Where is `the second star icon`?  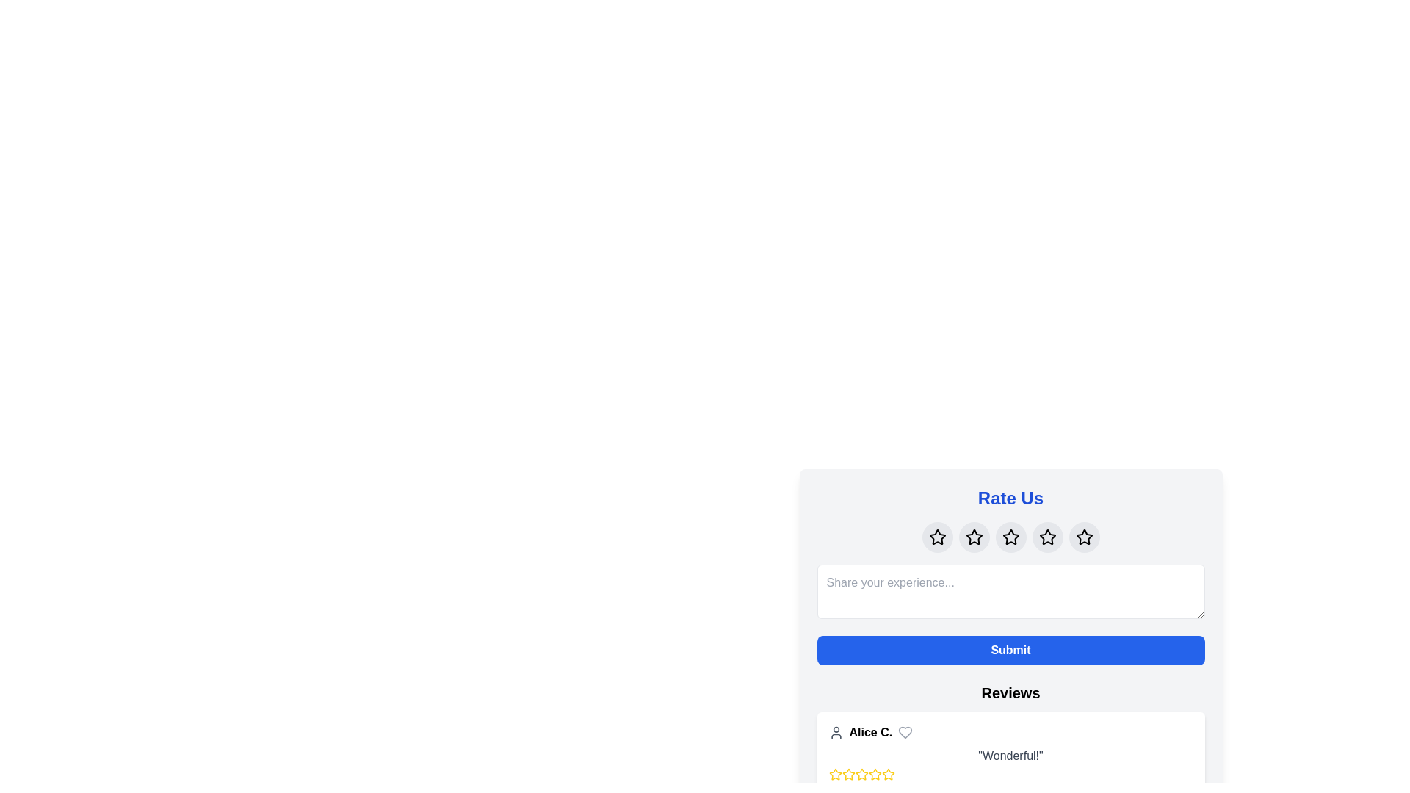
the second star icon is located at coordinates (848, 774).